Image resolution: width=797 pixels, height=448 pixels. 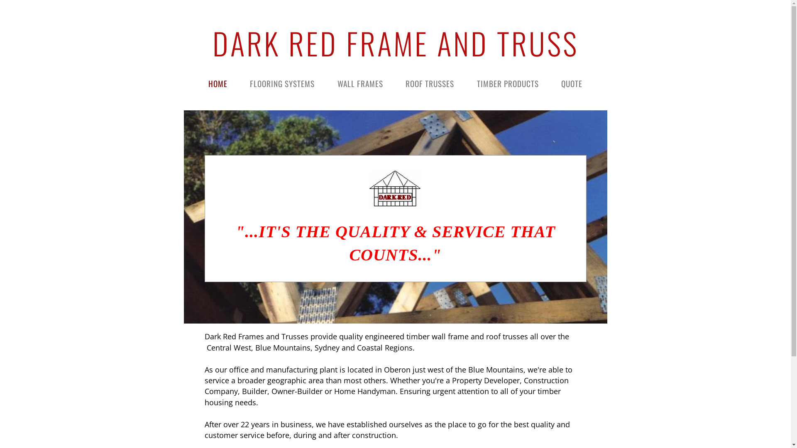 What do you see at coordinates (218, 83) in the screenshot?
I see `'HOME'` at bounding box center [218, 83].